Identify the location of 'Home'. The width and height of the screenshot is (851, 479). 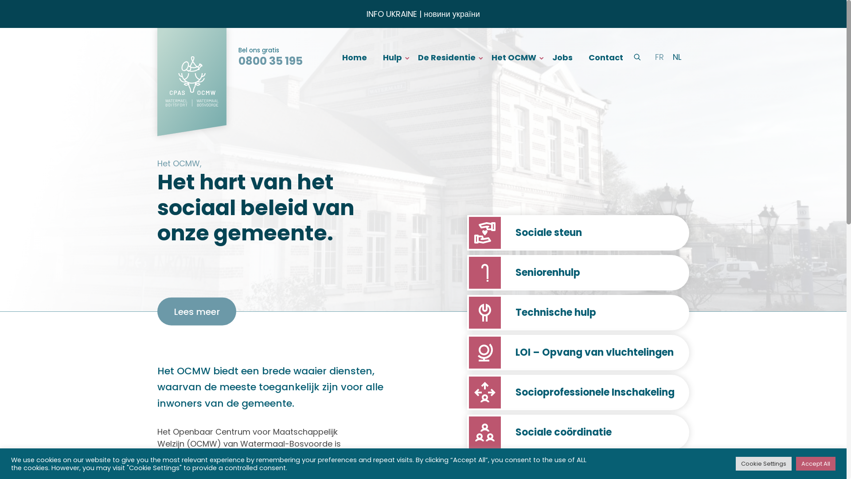
(342, 57).